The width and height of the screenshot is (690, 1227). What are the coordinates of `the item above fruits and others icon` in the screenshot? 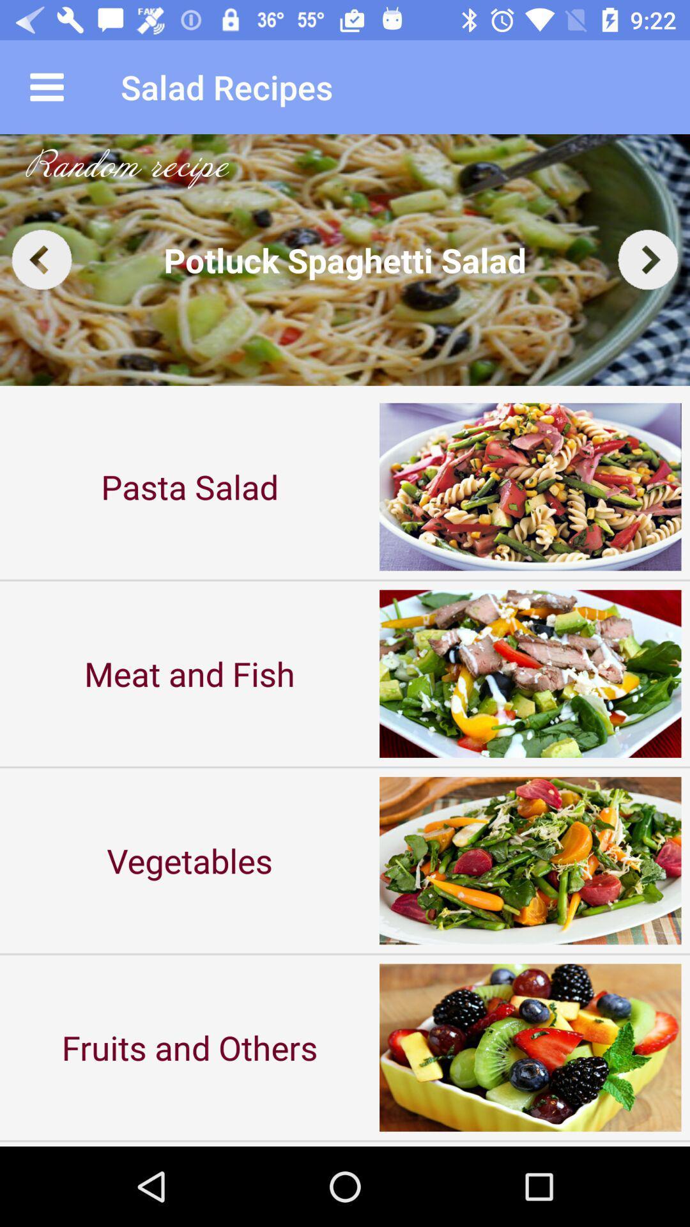 It's located at (190, 860).